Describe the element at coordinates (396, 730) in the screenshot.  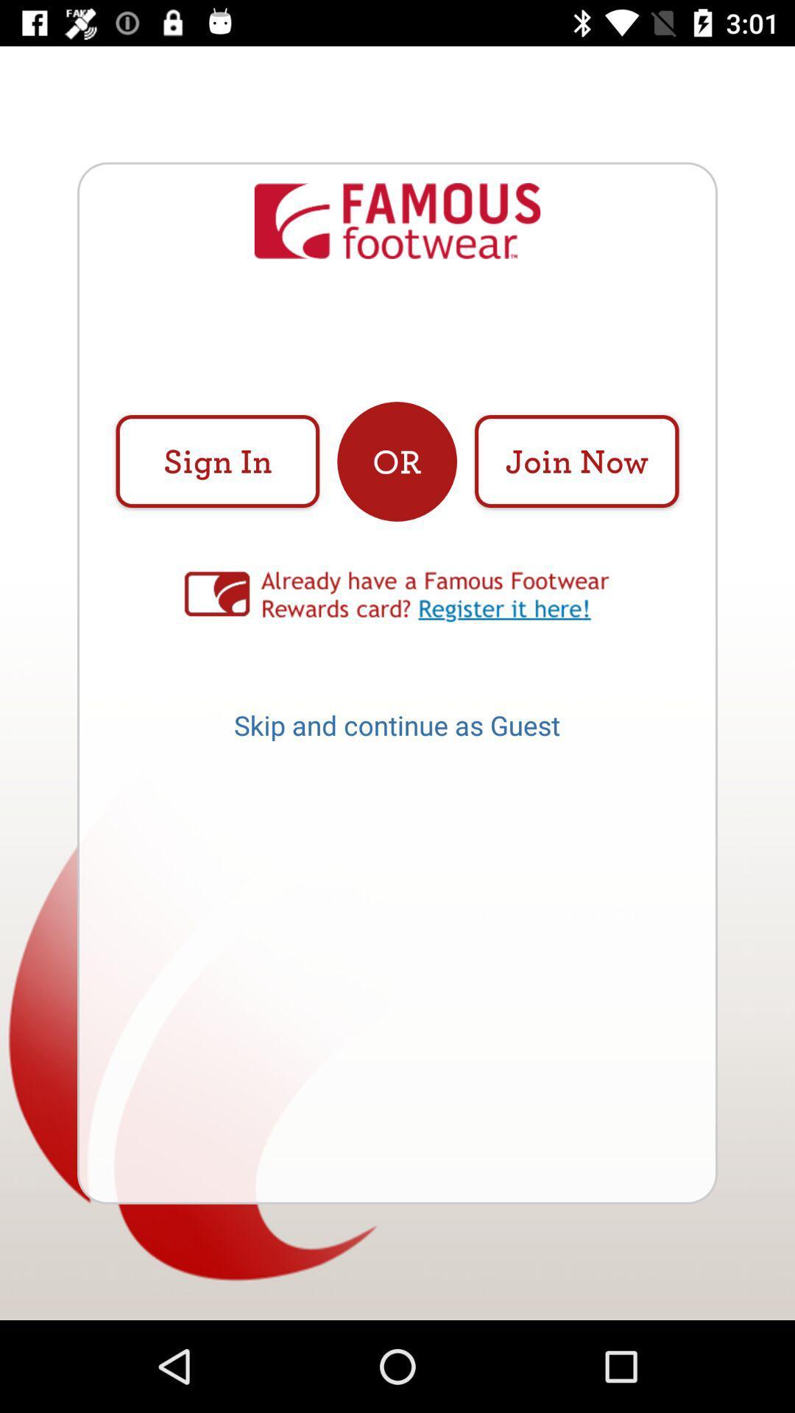
I see `skip and continue item` at that location.